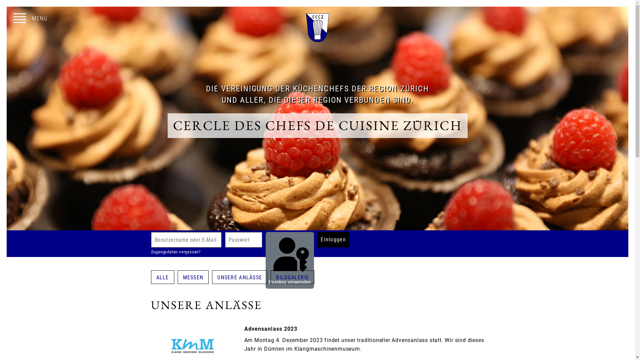  Describe the element at coordinates (317, 239) in the screenshot. I see `'Einloggen'` at that location.